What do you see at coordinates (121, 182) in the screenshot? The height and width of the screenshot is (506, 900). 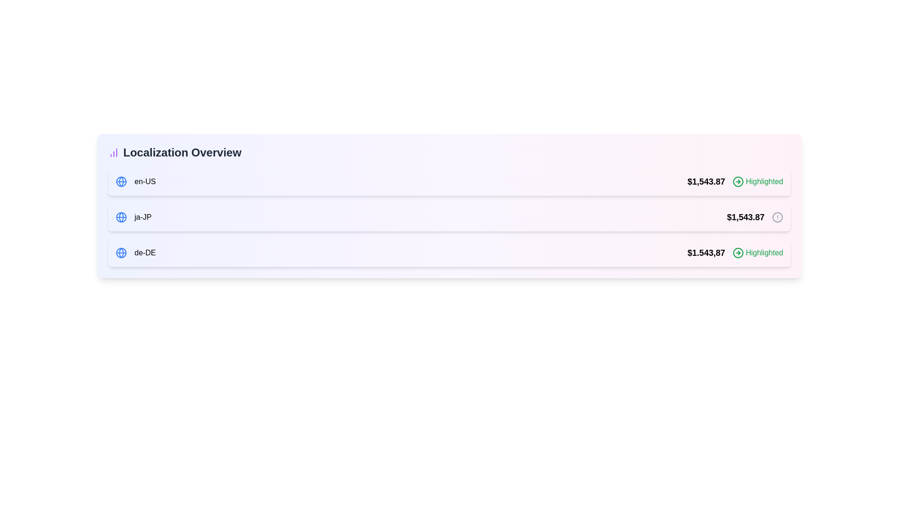 I see `the blue globe icon with a thin gray outline, located to the left of the 'en-US' text` at bounding box center [121, 182].